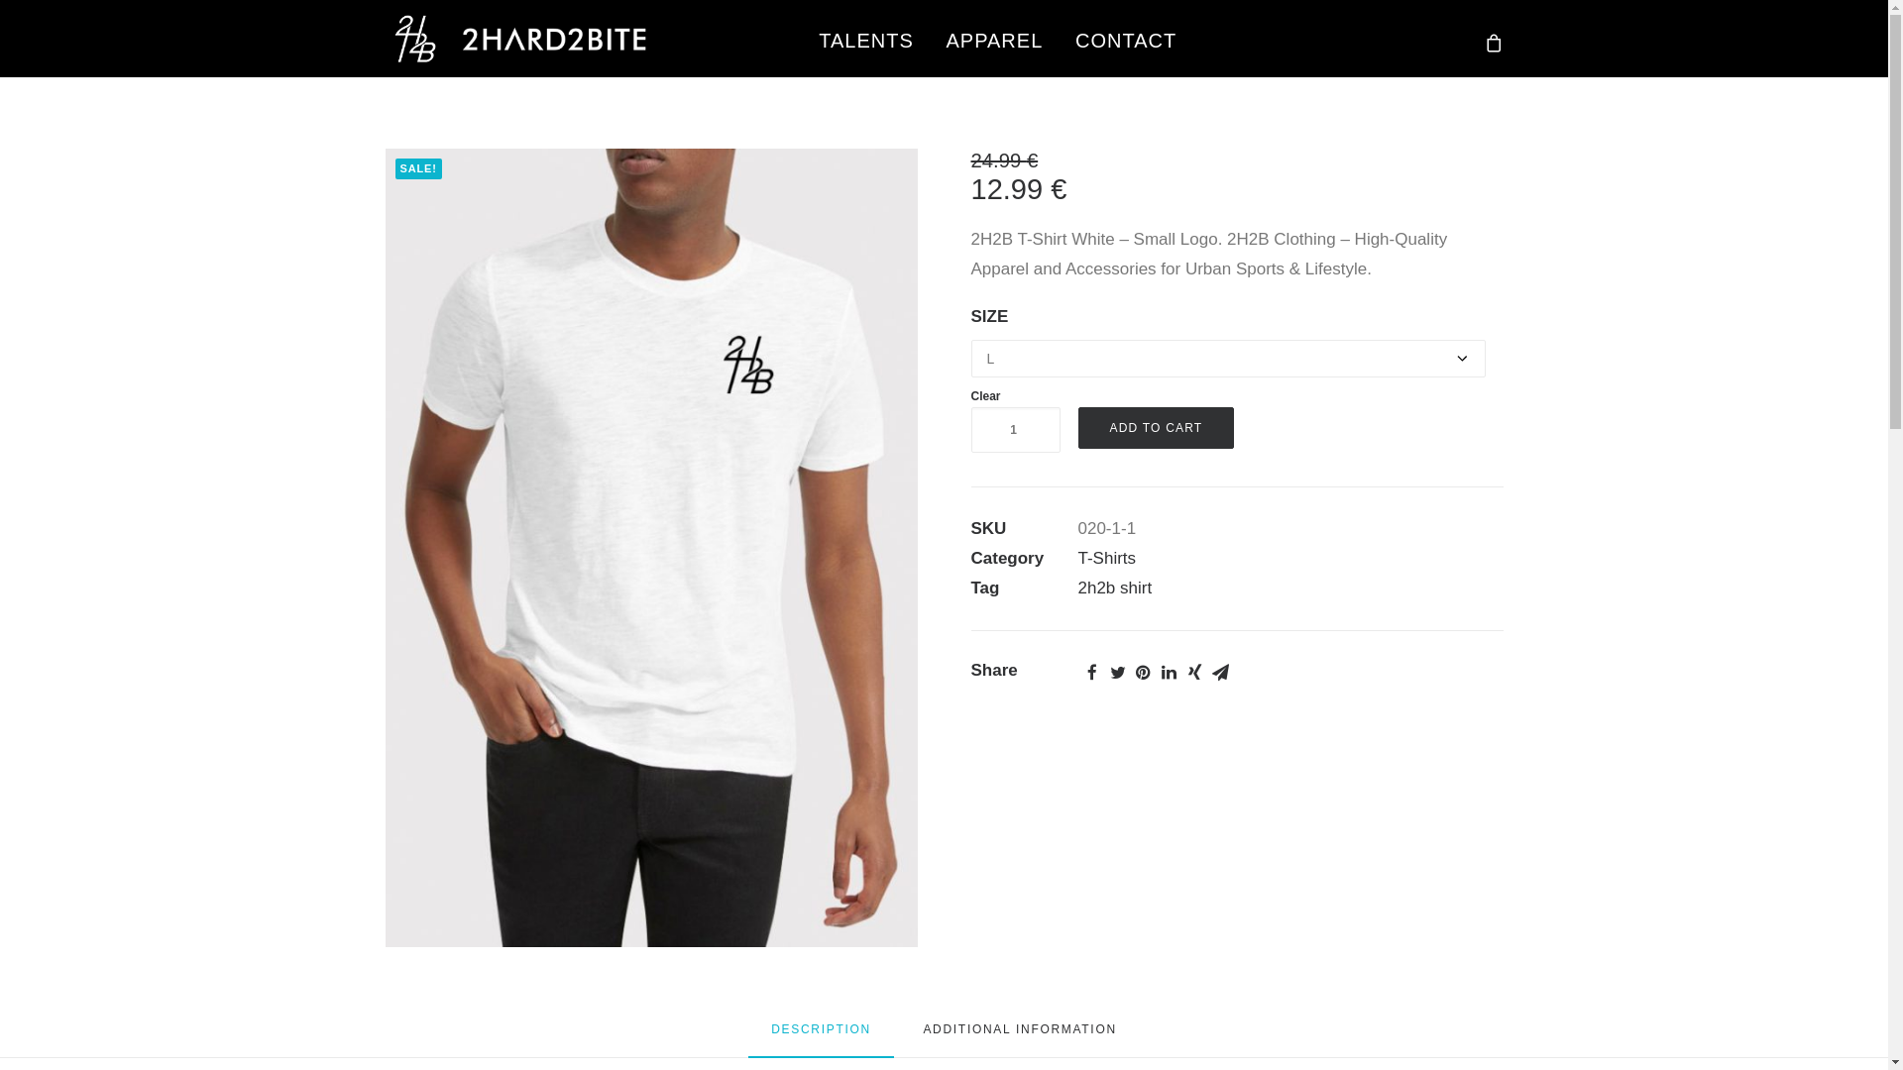 This screenshot has width=1903, height=1070. What do you see at coordinates (970, 429) in the screenshot?
I see `'Qty'` at bounding box center [970, 429].